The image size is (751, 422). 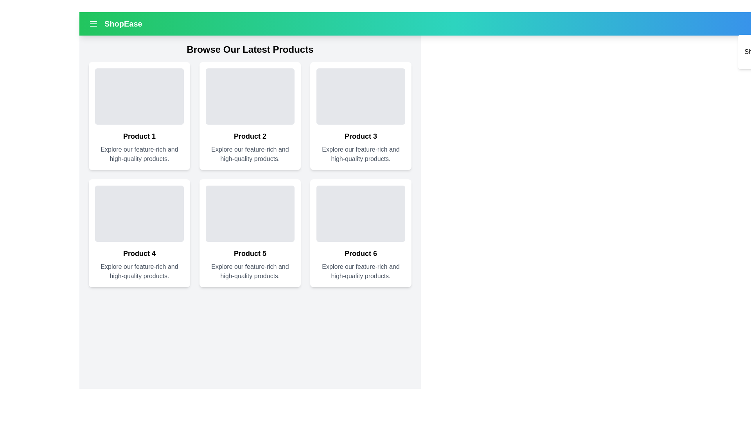 What do you see at coordinates (93, 23) in the screenshot?
I see `the menu toggle button located in the top-left corner of the interface within the green header bar` at bounding box center [93, 23].